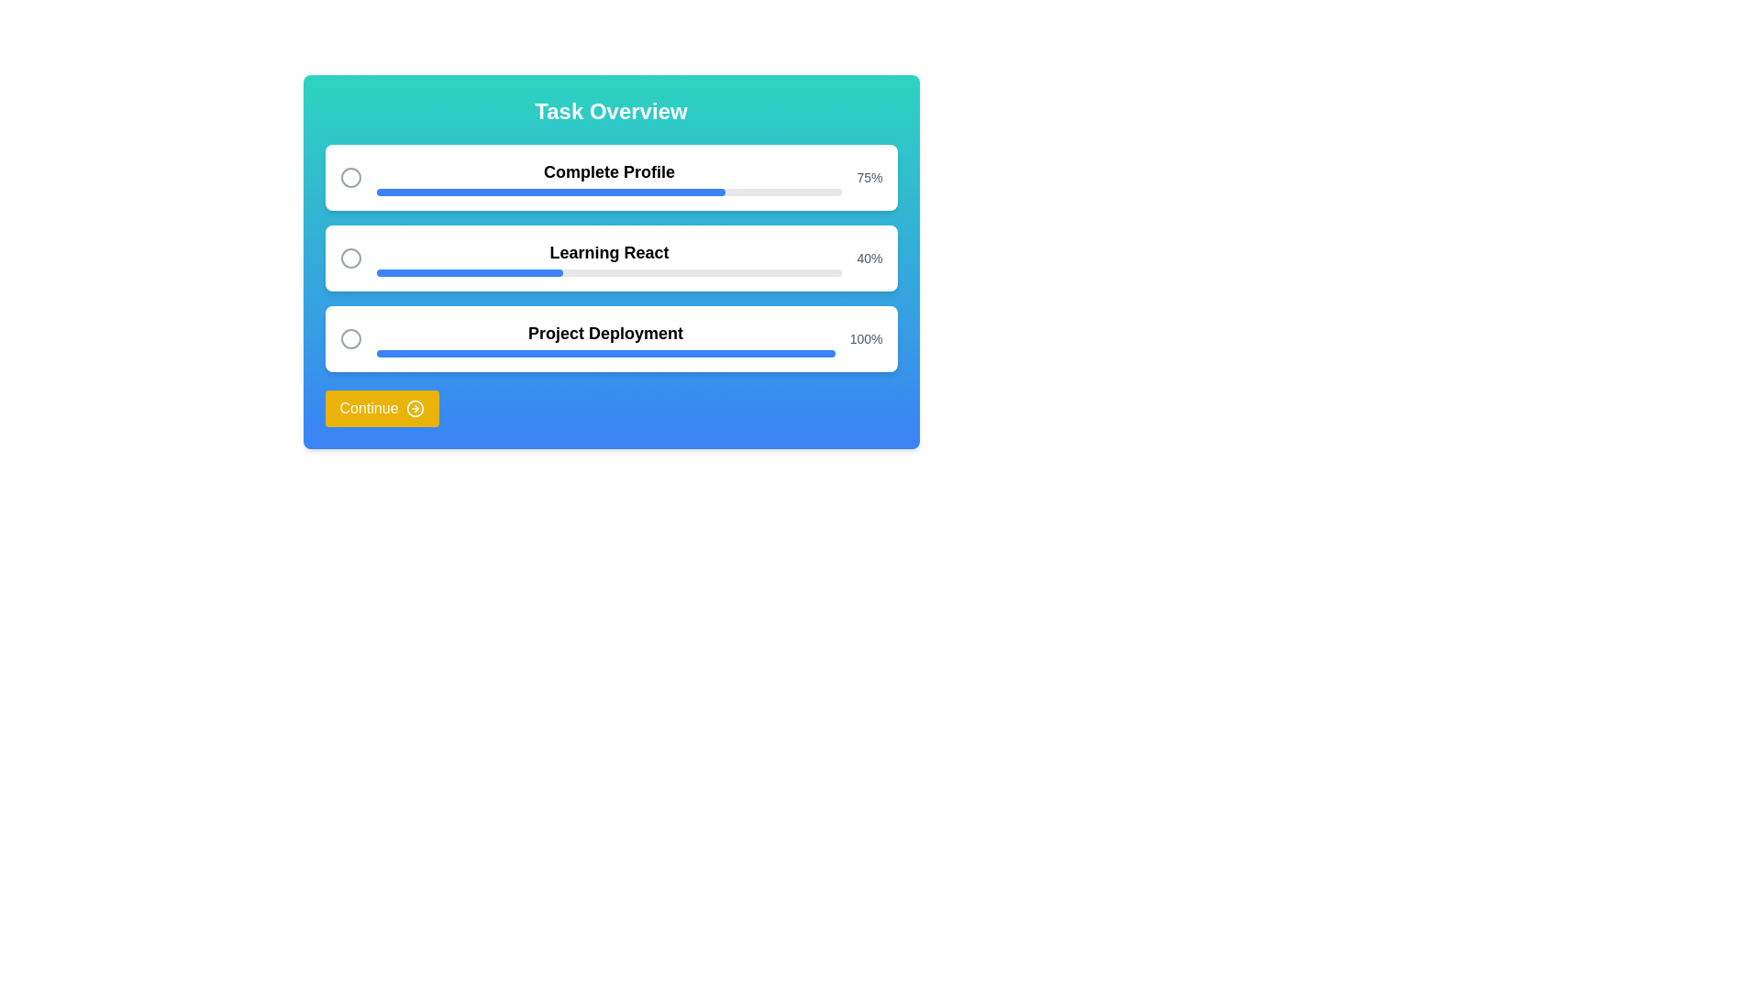 The width and height of the screenshot is (1761, 990). Describe the element at coordinates (350, 177) in the screenshot. I see `the circular gray outlined icon located at the leftmost side of the 'Complete Profile' row` at that location.